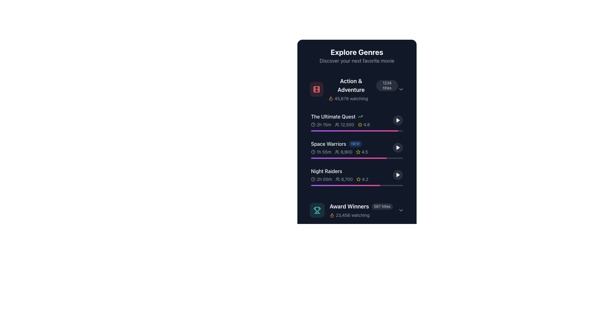 This screenshot has width=596, height=335. Describe the element at coordinates (357, 89) in the screenshot. I see `the 'Action & Adventure' category selection button located at the top of the 'Explore Genres' list` at that location.